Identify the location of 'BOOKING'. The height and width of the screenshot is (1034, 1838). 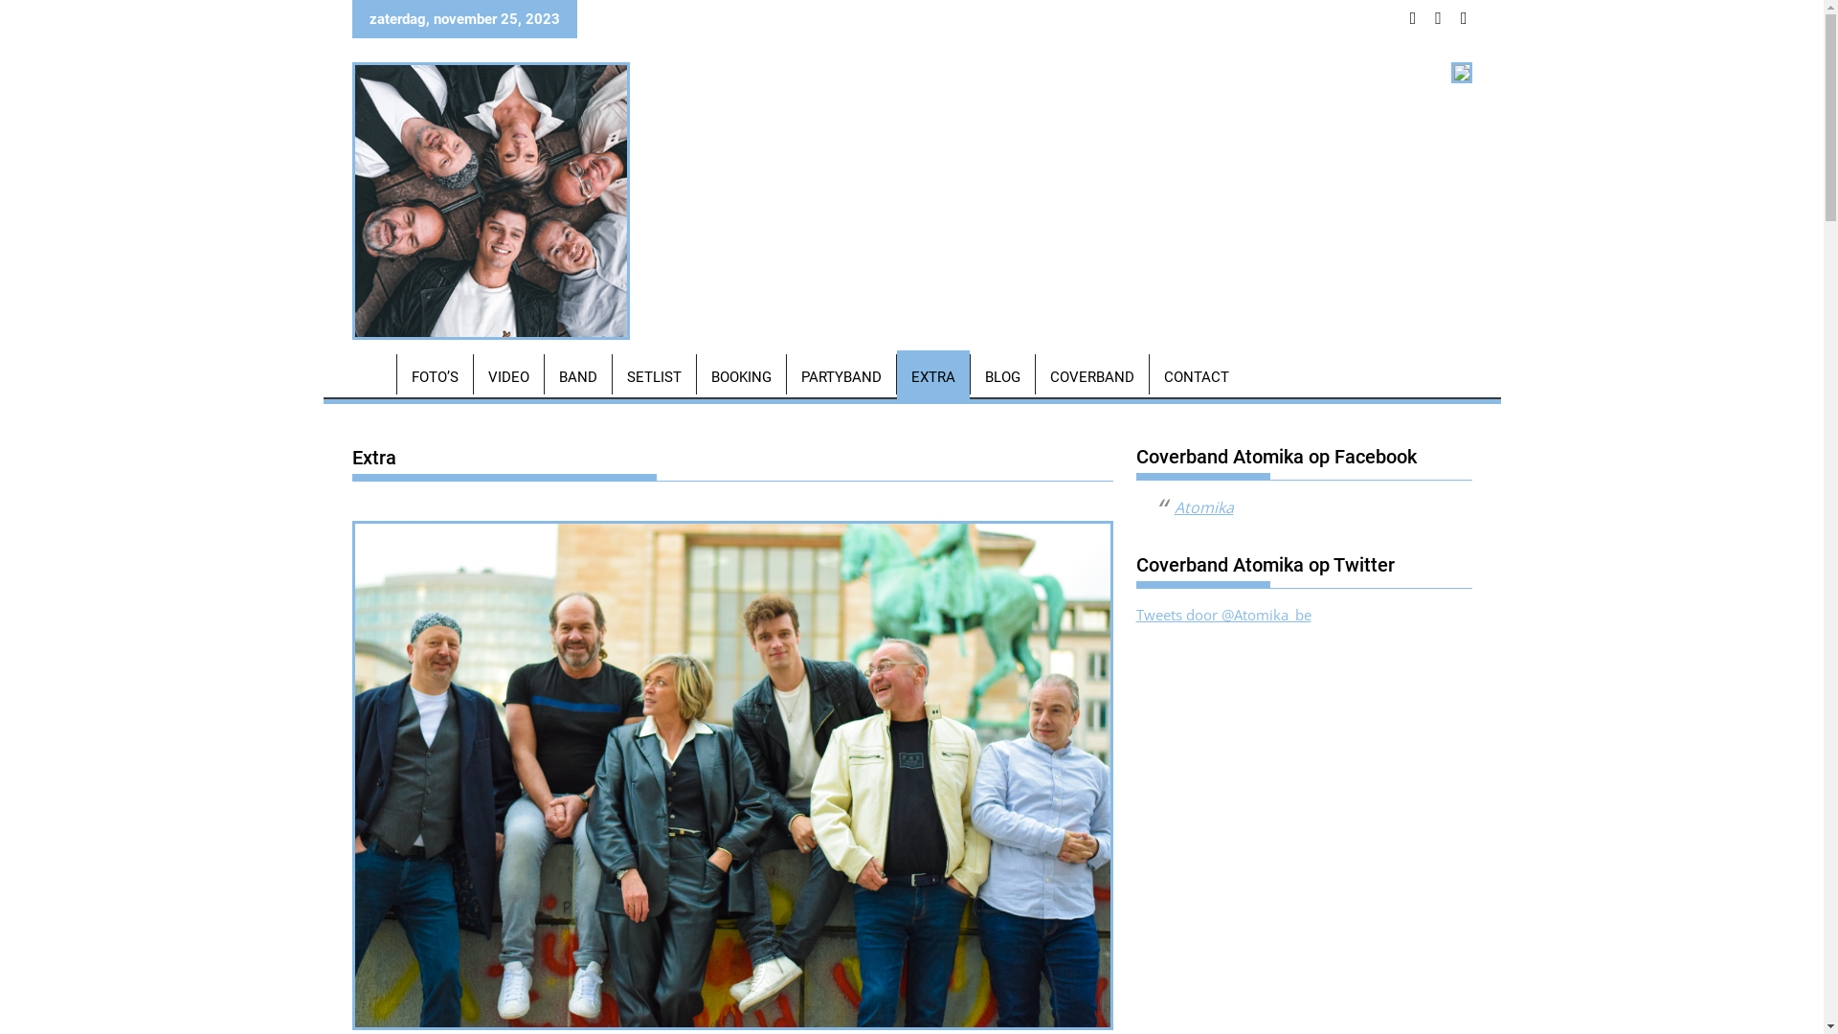
(696, 376).